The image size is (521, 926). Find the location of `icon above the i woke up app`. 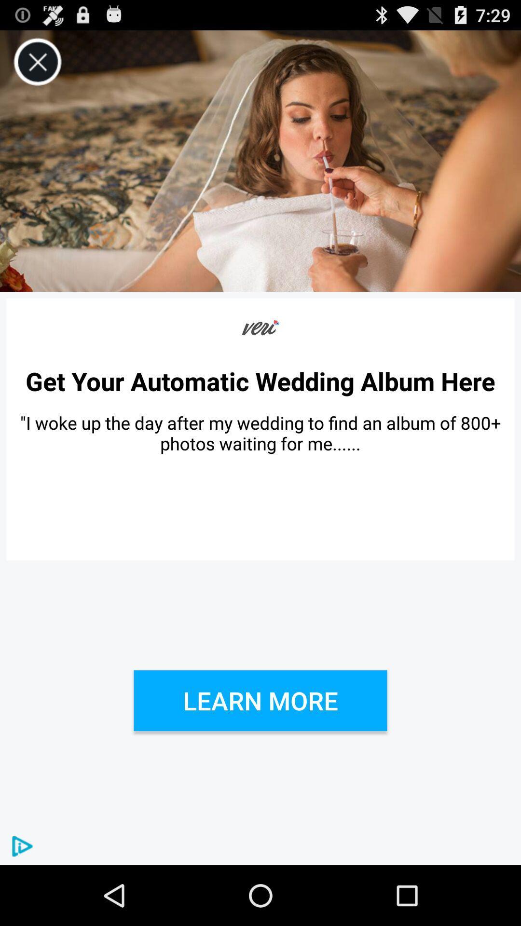

icon above the i woke up app is located at coordinates (260, 381).